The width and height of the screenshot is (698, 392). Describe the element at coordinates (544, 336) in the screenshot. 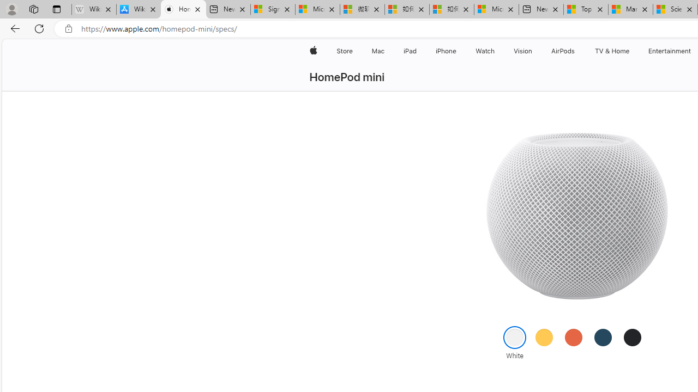

I see `'Yellow'` at that location.